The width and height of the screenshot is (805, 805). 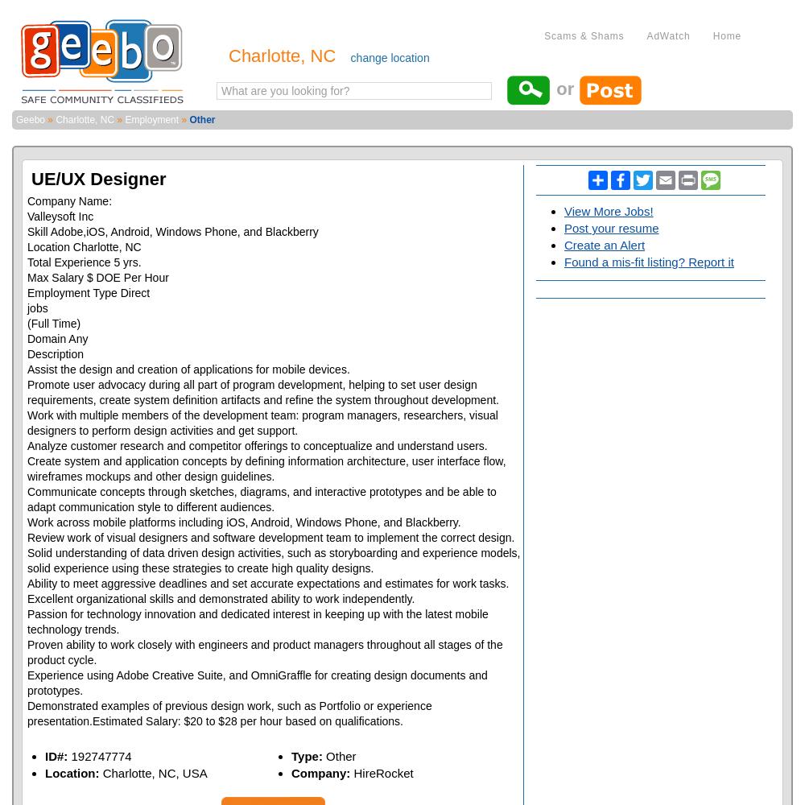 I want to click on 'UE/UX Designer', so click(x=97, y=178).